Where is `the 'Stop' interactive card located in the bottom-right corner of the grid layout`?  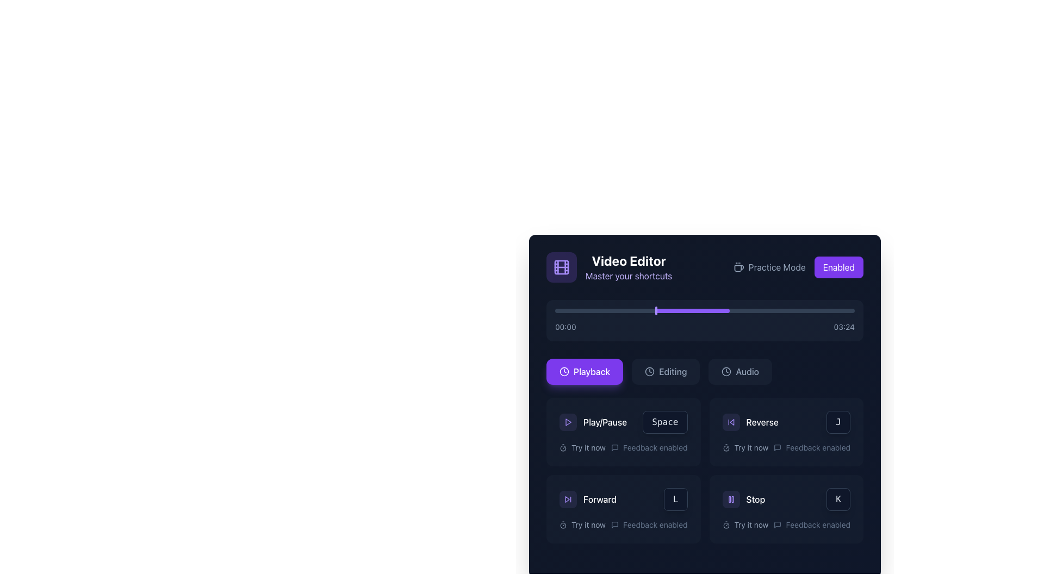 the 'Stop' interactive card located in the bottom-right corner of the grid layout is located at coordinates (786, 509).